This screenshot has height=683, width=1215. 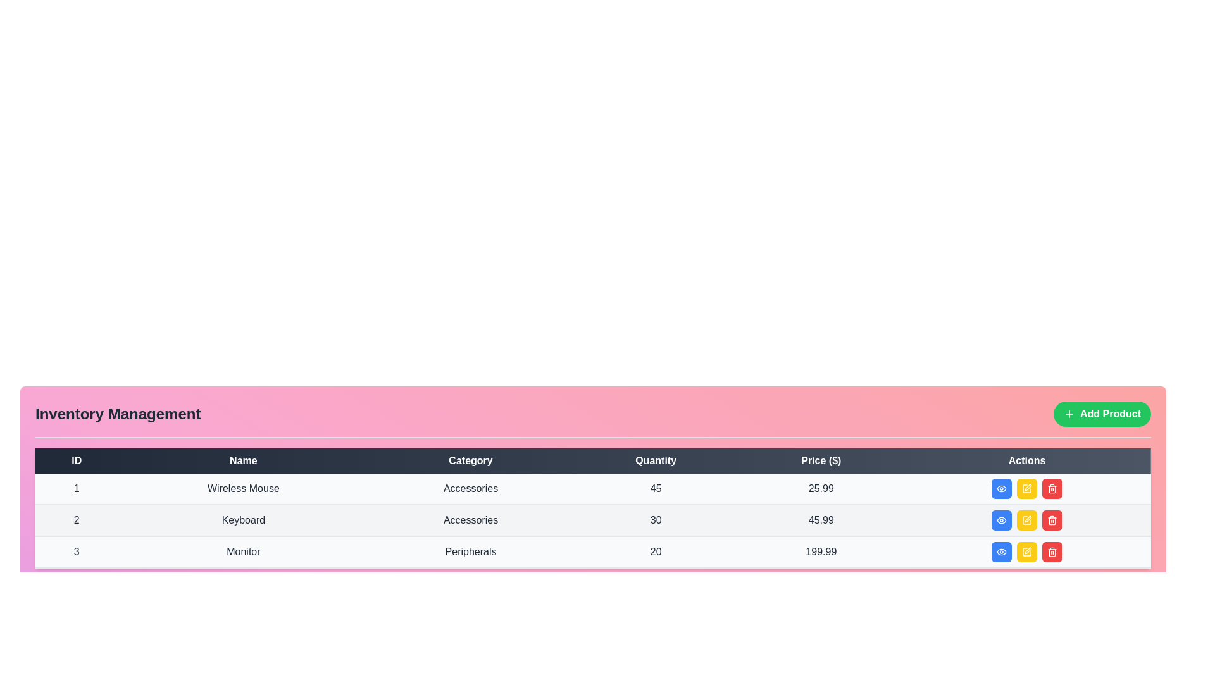 I want to click on the pen-shaped icon with a yellow background in the actions column of the table corresponding to the product 'Monitor' to initiate editing, so click(x=1027, y=551).